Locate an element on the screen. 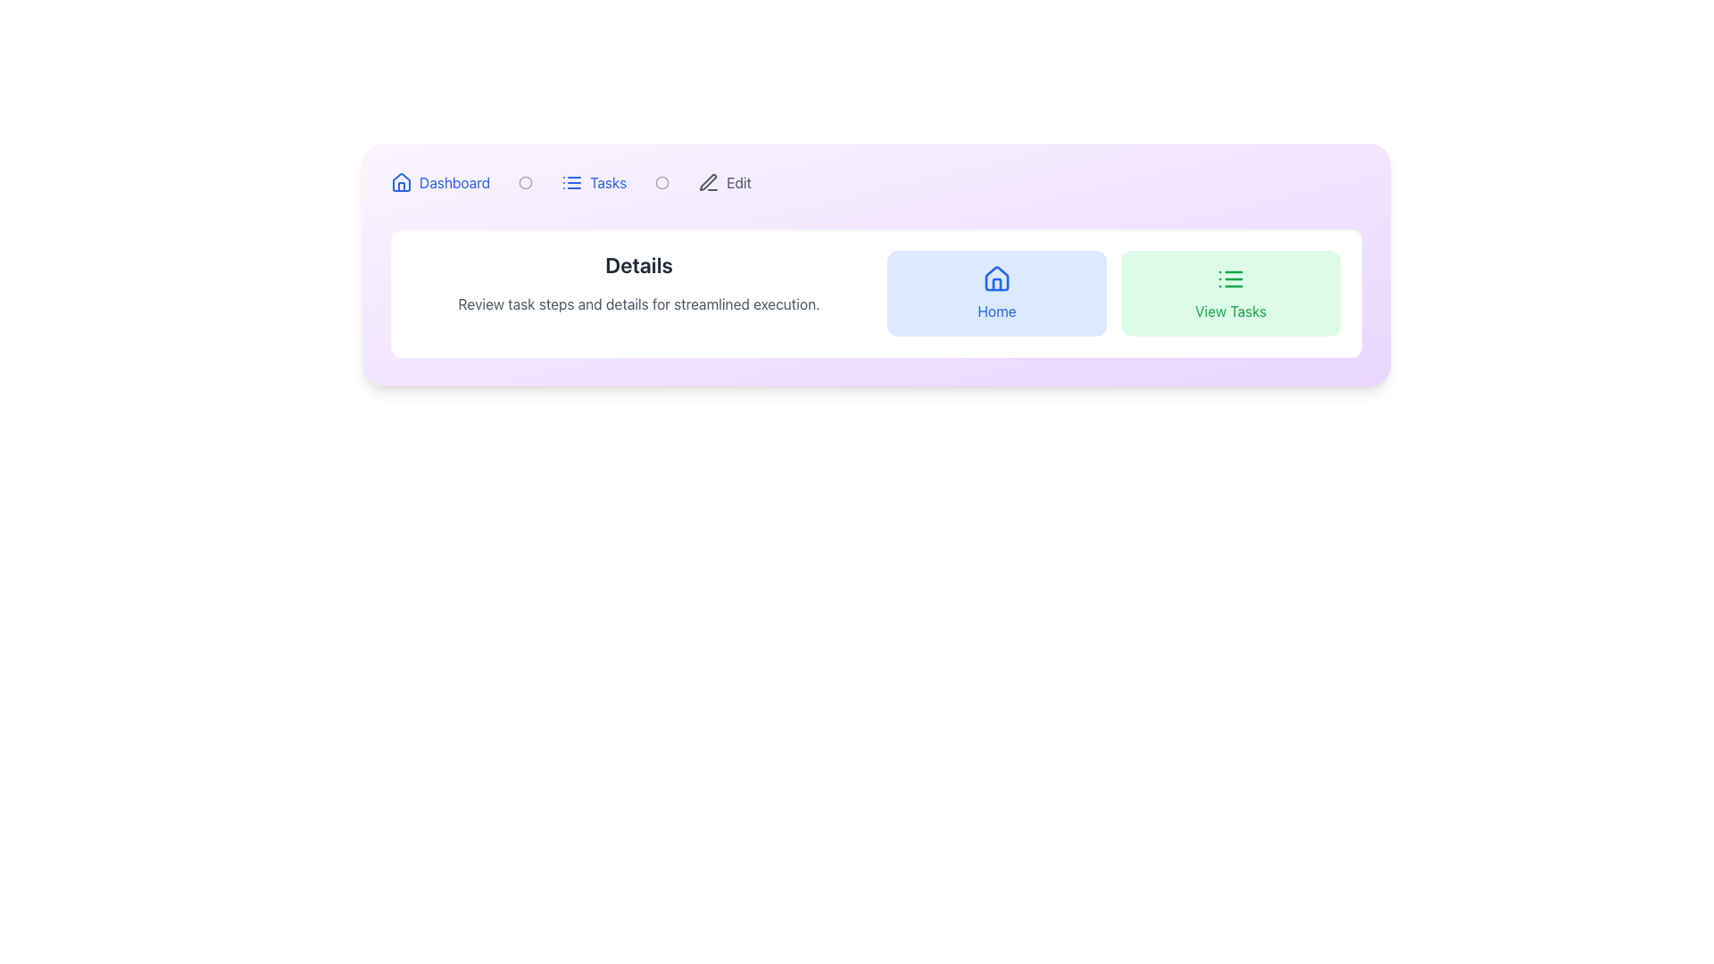 The image size is (1714, 964). the edit action icon, which resembles a pen and is located in the top navigation bar next to the 'Edit' label is located at coordinates (708, 182).